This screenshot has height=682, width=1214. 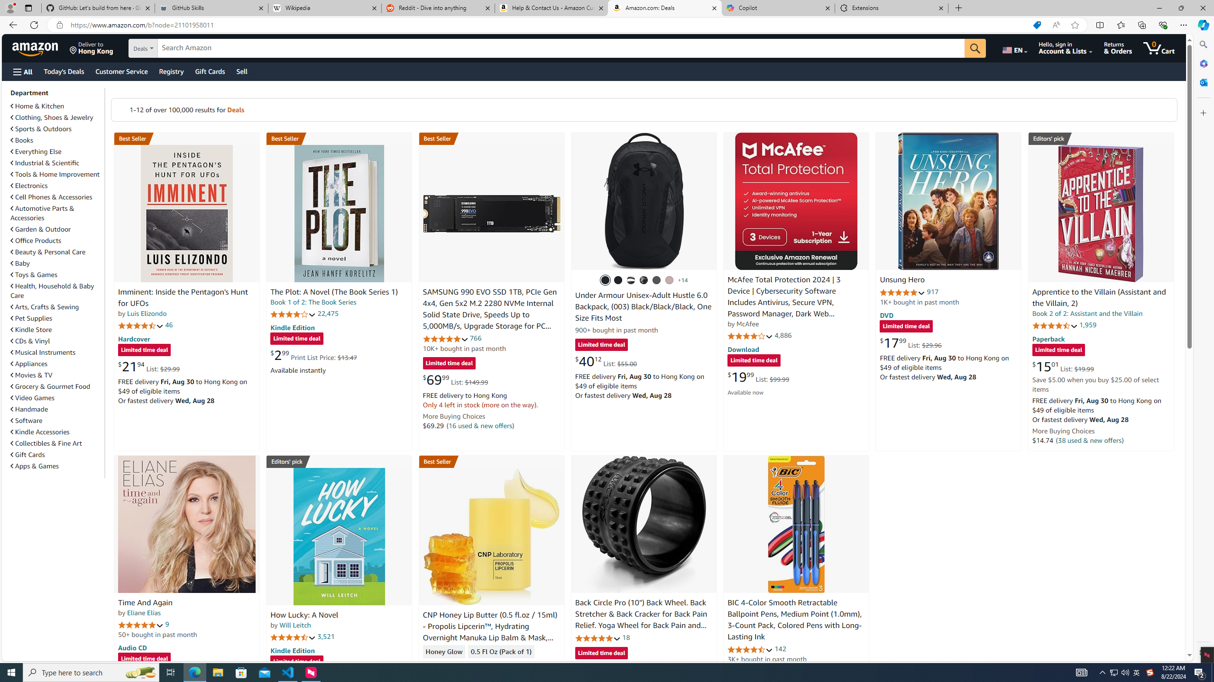 I want to click on 'DVD', so click(x=887, y=315).